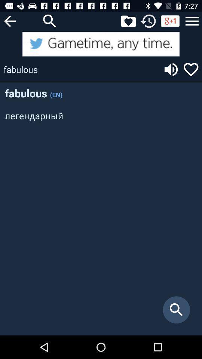  I want to click on search button, so click(50, 21).